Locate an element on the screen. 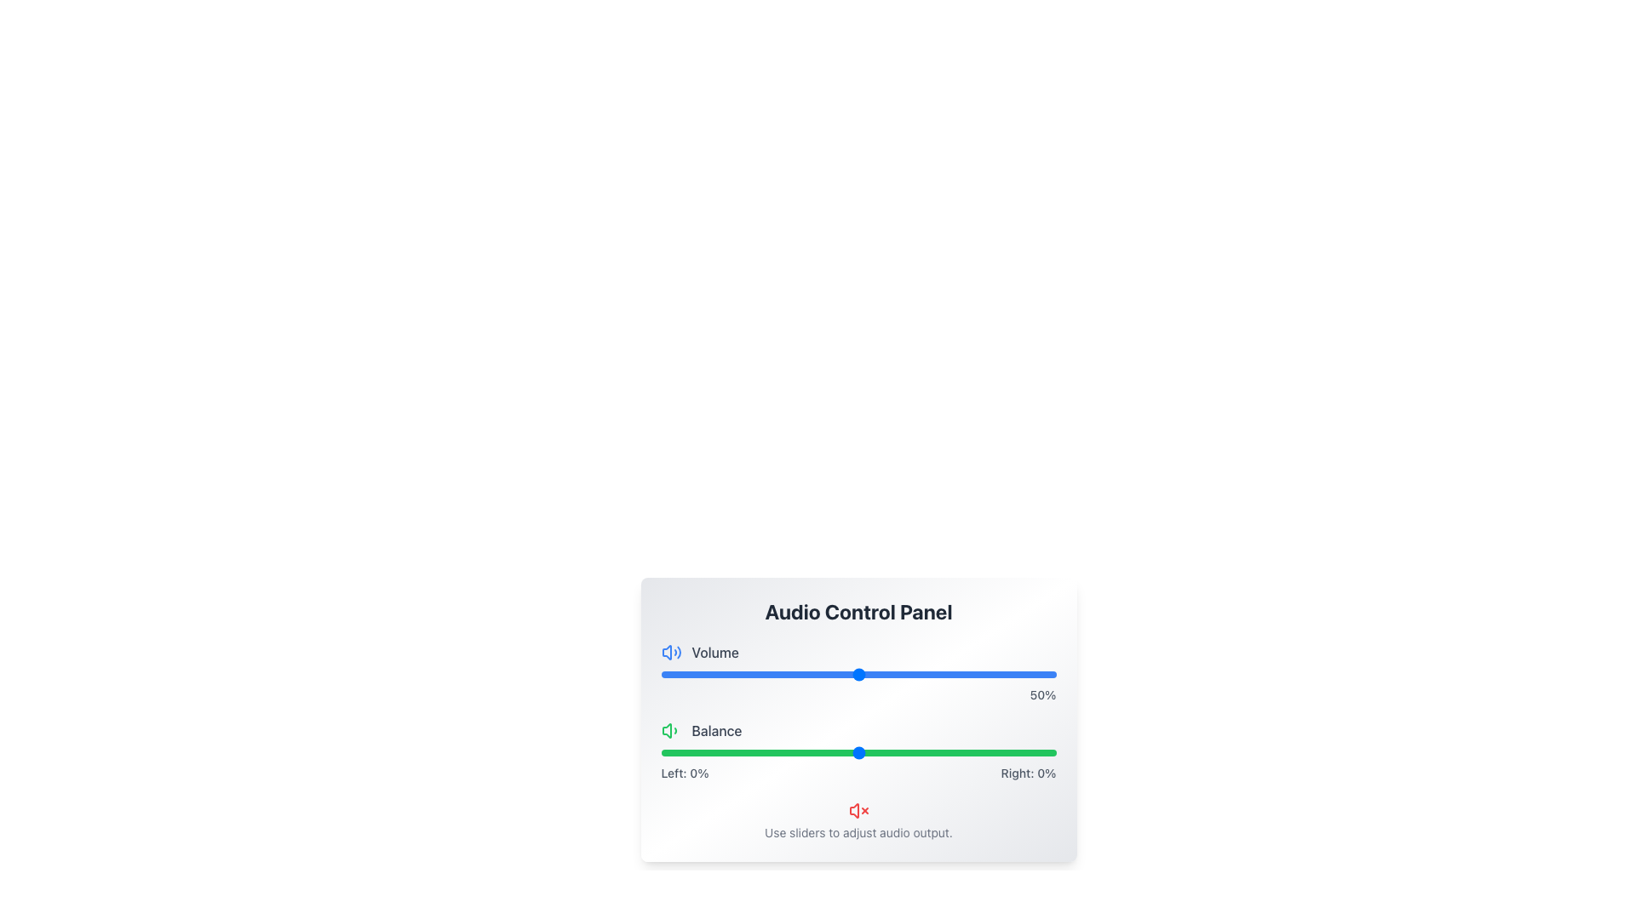  value displayed on the static text label indicating the balance percentage for the left channel in the Audio Control Panel is located at coordinates (685, 773).